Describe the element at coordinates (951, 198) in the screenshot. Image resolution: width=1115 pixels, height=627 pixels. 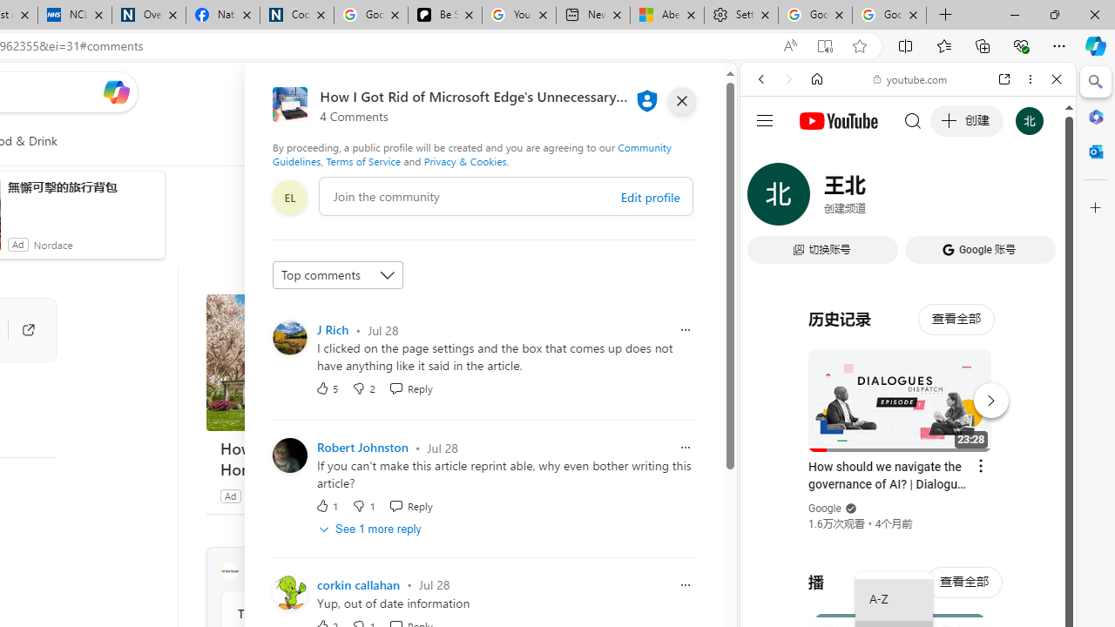
I see `'SEARCH TOOLS'` at that location.